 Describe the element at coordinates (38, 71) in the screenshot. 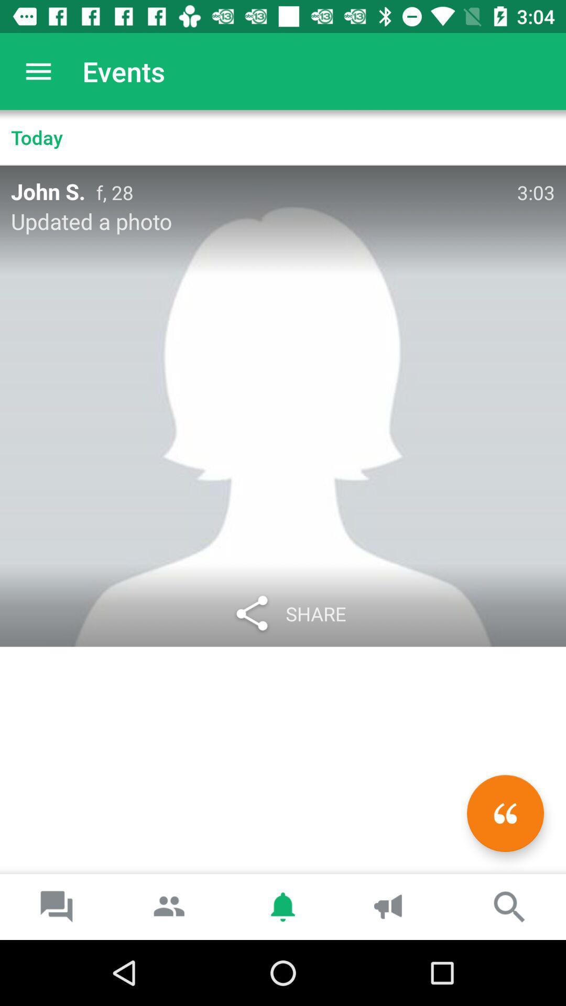

I see `the icon above today icon` at that location.